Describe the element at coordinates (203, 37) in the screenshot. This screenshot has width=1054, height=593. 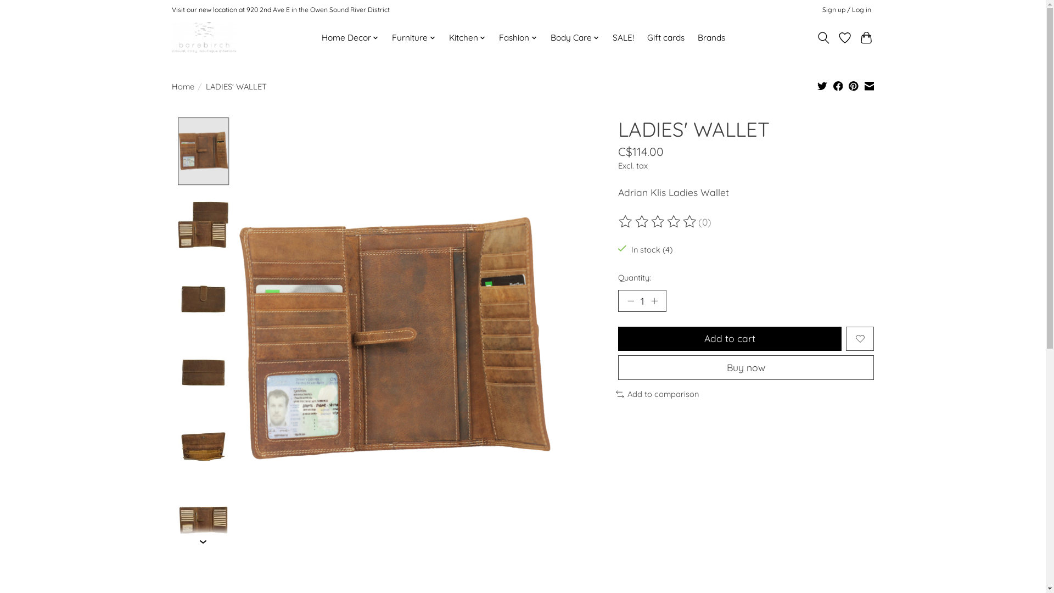
I see `'Furniture, Home Decor, Fashion Accessories and Giftware'` at that location.